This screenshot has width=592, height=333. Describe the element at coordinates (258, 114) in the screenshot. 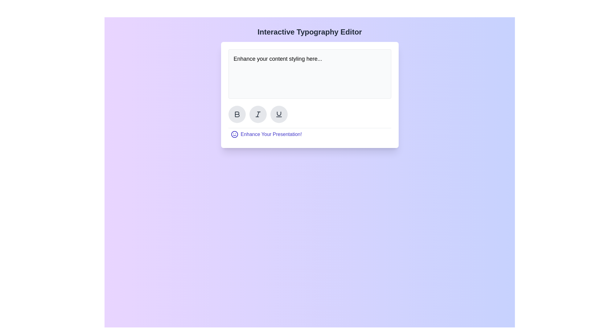

I see `the italicized 'I' icon button in the row of formatting buttons` at that location.